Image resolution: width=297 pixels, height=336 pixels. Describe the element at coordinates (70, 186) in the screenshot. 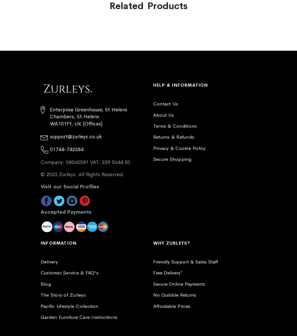

I see `'Visit our Social Profiles'` at that location.